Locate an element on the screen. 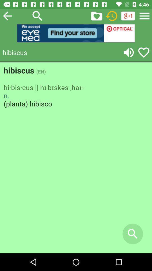 This screenshot has width=152, height=271. bookmark page is located at coordinates (96, 16).